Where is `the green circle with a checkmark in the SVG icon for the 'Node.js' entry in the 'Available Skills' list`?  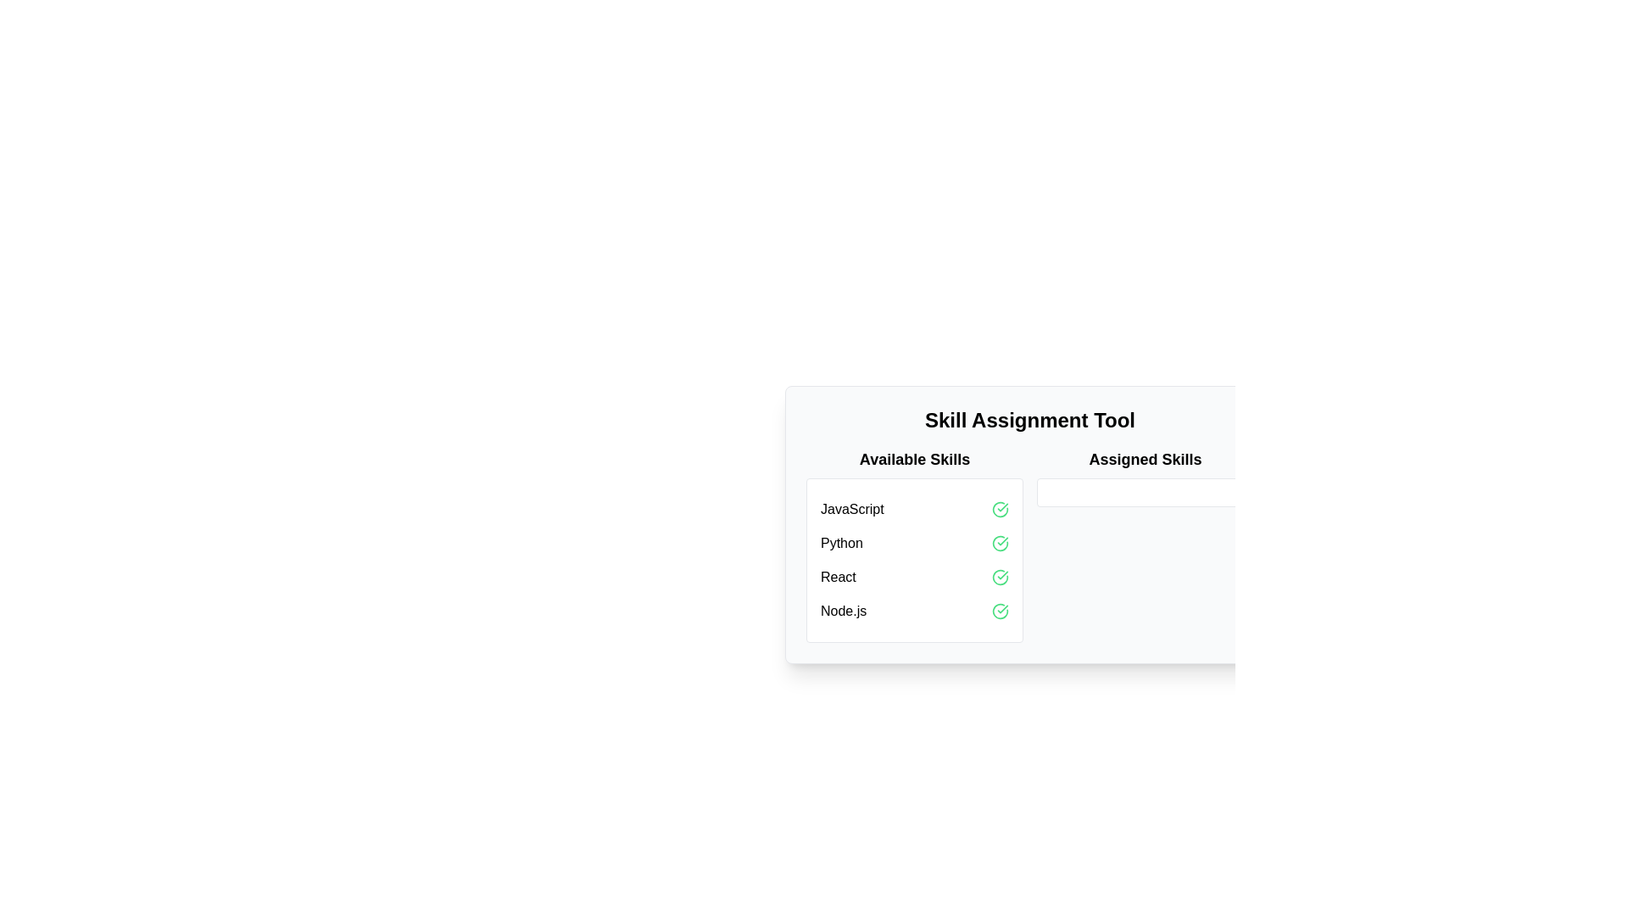
the green circle with a checkmark in the SVG icon for the 'Node.js' entry in the 'Available Skills' list is located at coordinates (1001, 612).